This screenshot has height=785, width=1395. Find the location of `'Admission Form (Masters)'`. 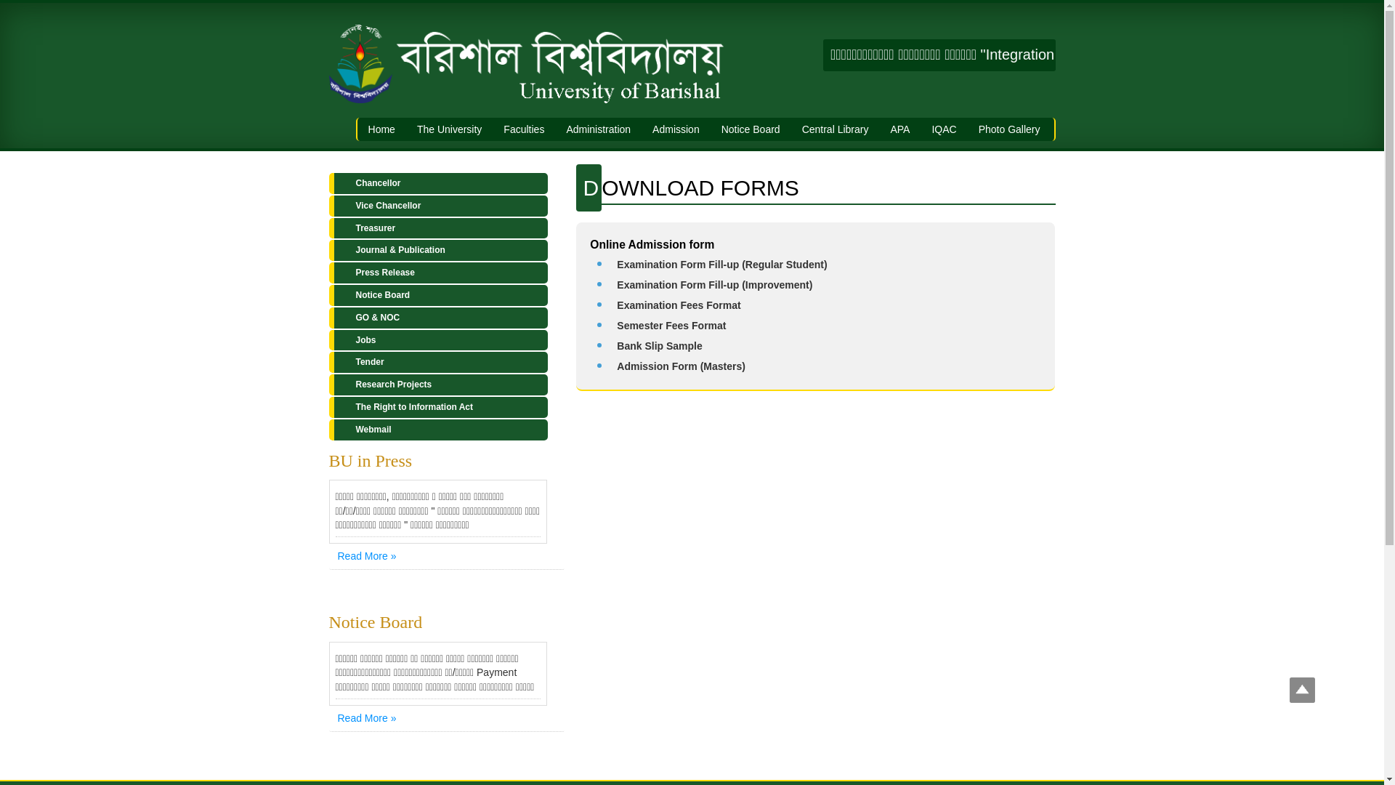

'Admission Form (Masters)' is located at coordinates (680, 366).